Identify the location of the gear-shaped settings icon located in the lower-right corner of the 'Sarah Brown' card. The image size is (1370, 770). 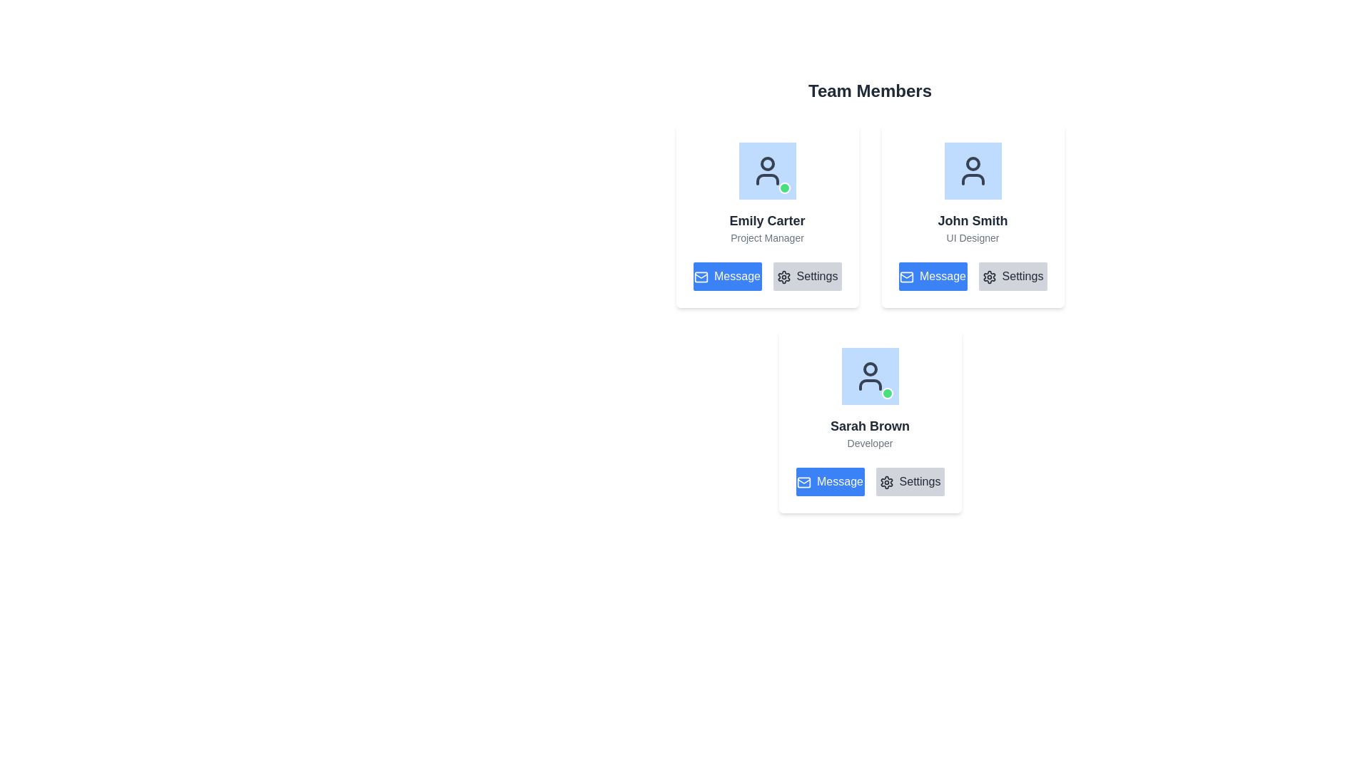
(886, 481).